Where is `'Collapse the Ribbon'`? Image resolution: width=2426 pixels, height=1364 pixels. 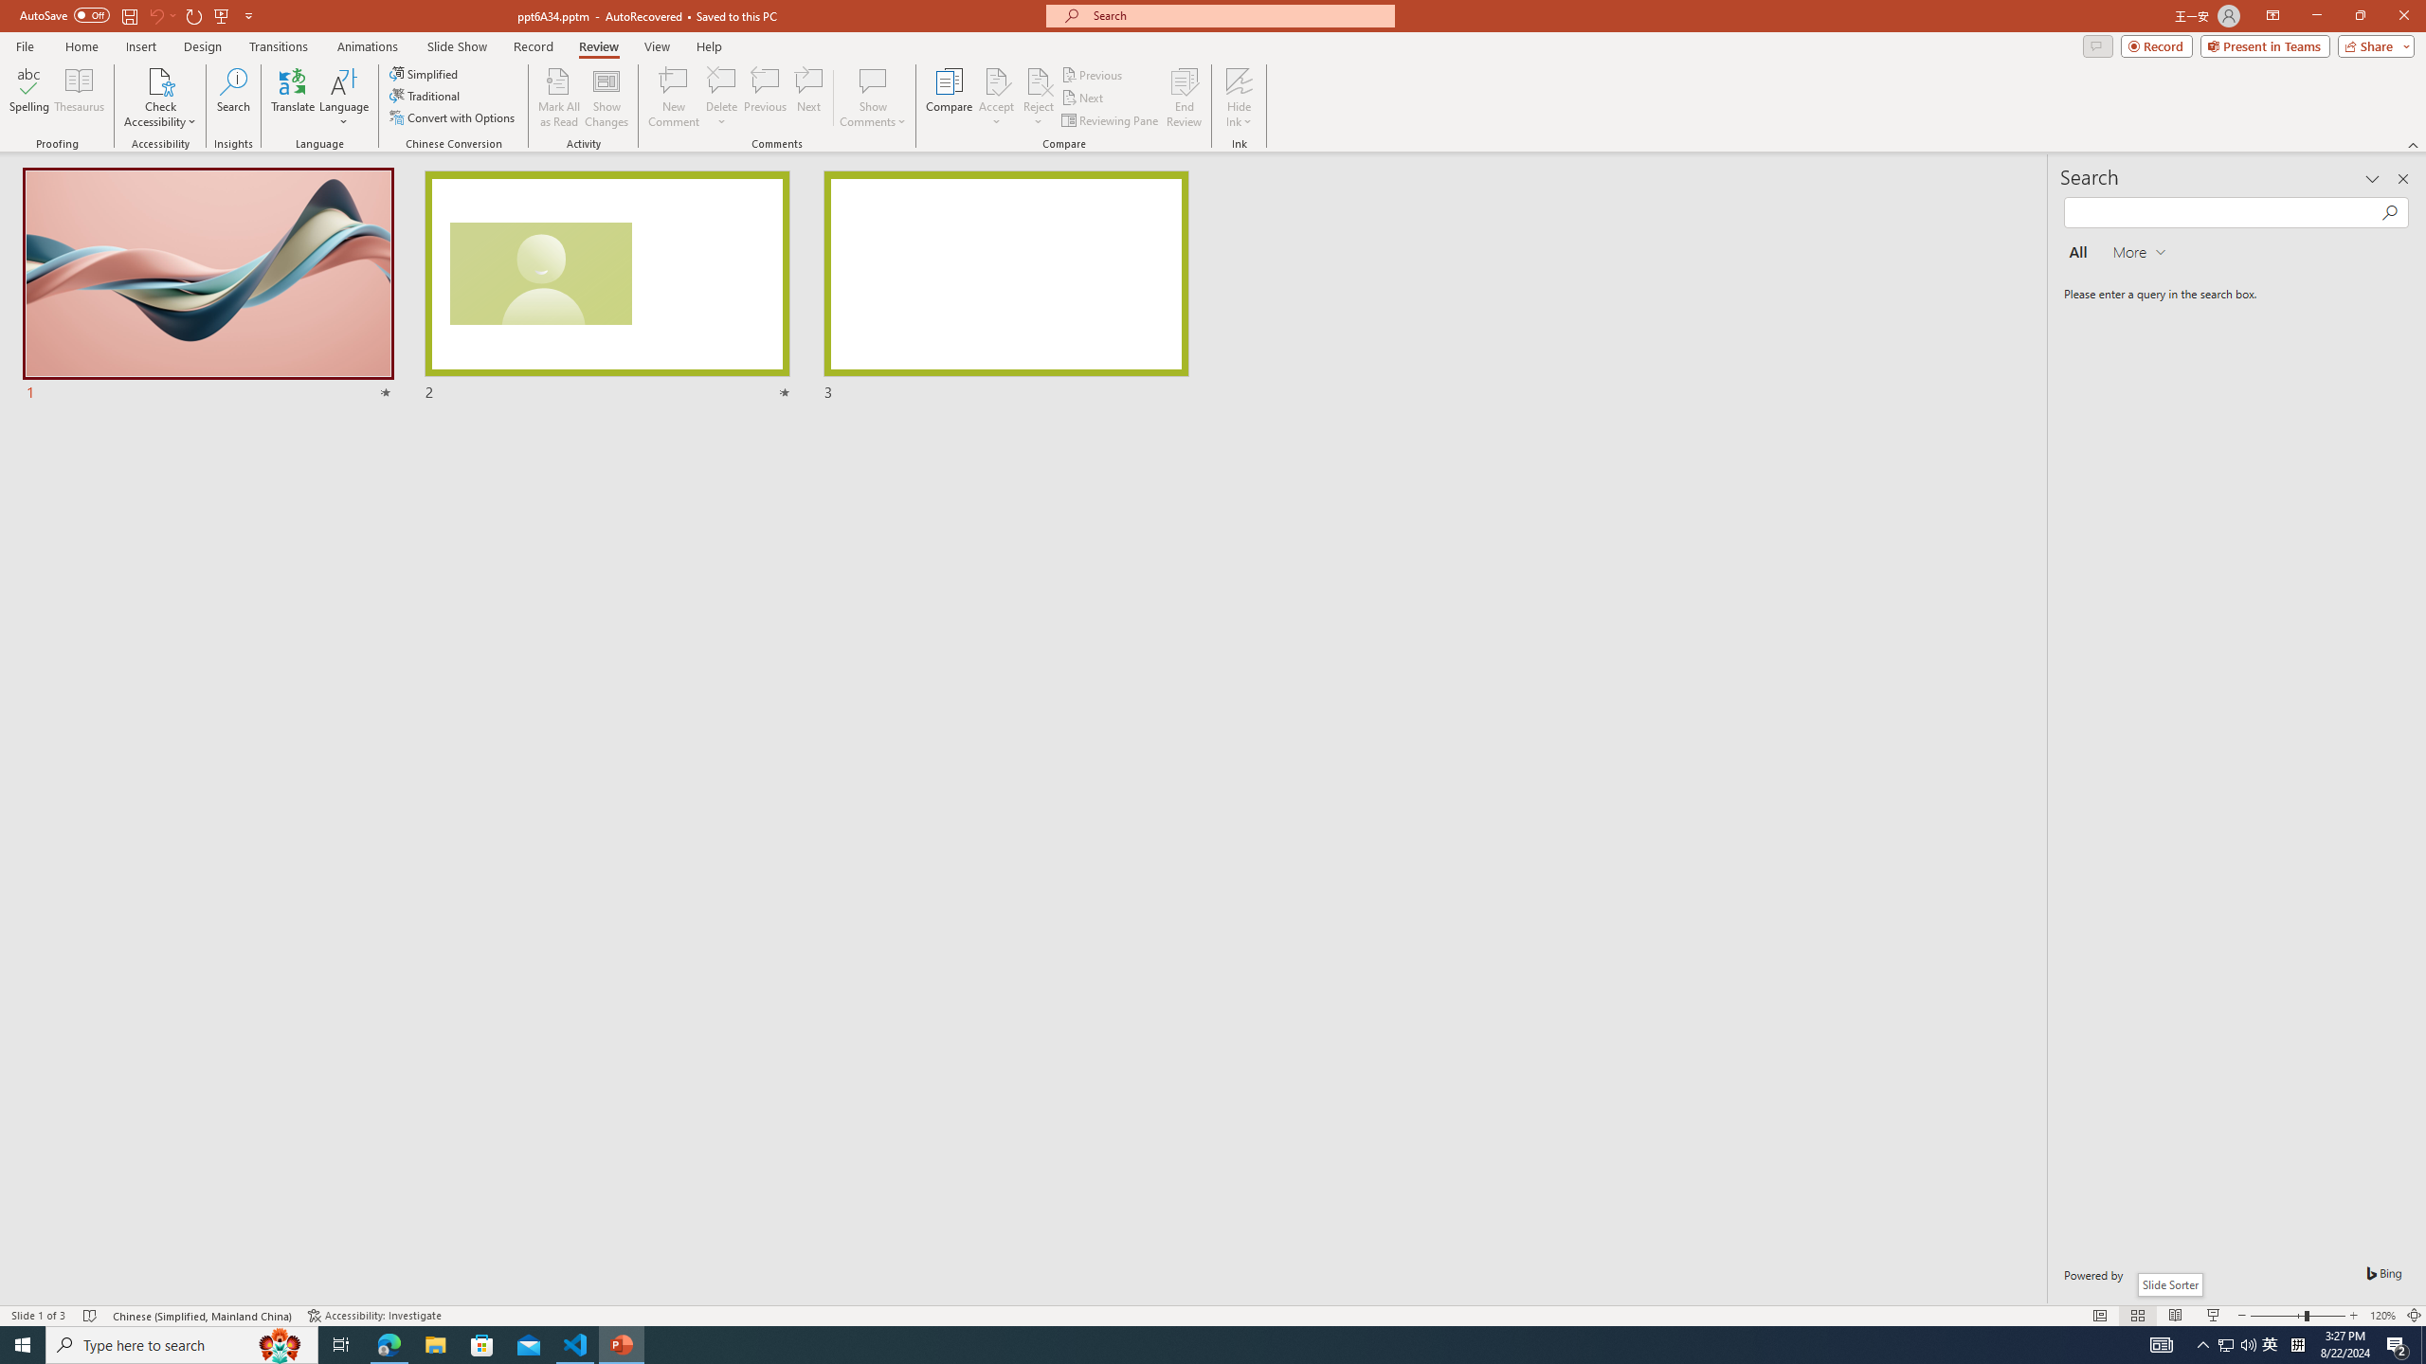 'Collapse the Ribbon' is located at coordinates (2414, 145).